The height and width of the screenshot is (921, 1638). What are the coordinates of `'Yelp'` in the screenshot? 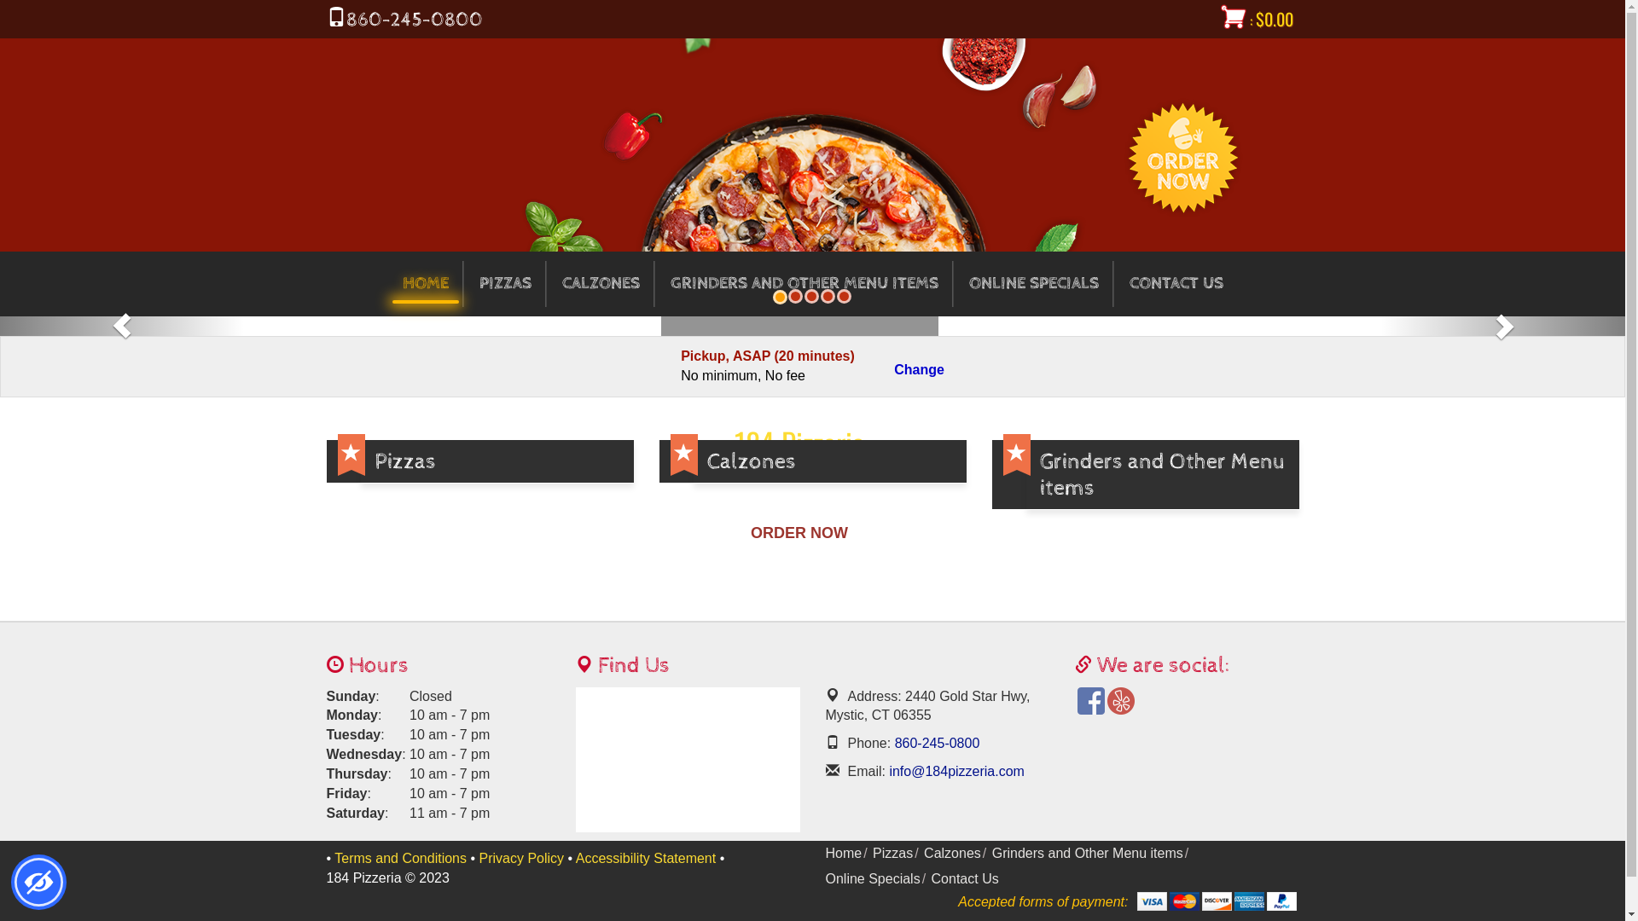 It's located at (1121, 700).